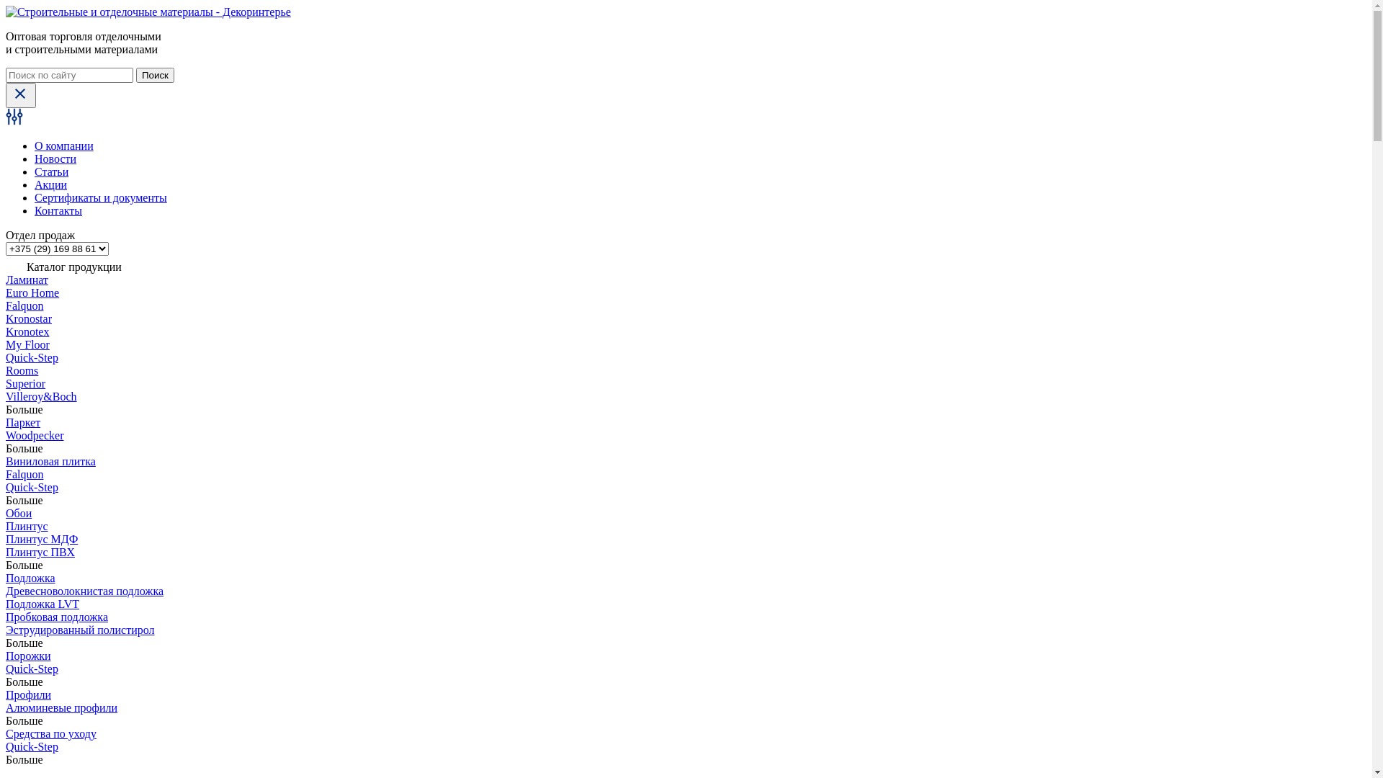 The width and height of the screenshot is (1383, 778). What do you see at coordinates (41, 396) in the screenshot?
I see `'Villeroy&Boch'` at bounding box center [41, 396].